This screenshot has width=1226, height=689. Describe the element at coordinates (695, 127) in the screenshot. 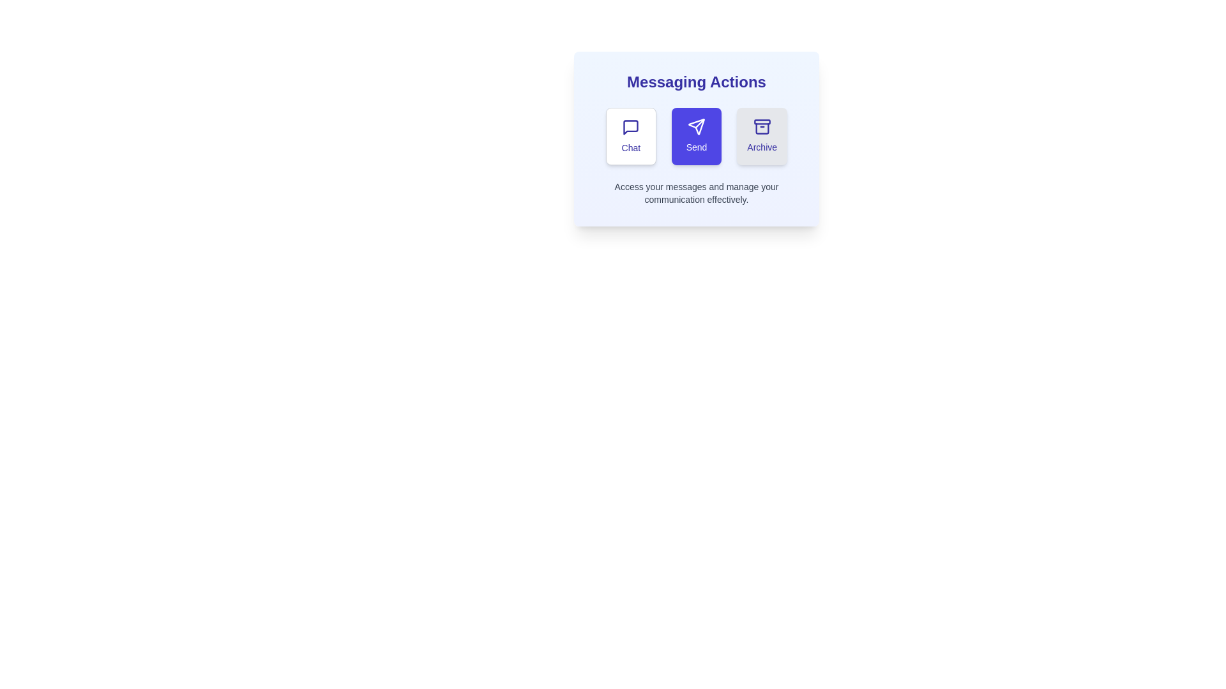

I see `the graphical icon representing the 'Send' action, which is located in the middle section of the 'Messaging Actions' card, highlighted within a blue square background` at that location.